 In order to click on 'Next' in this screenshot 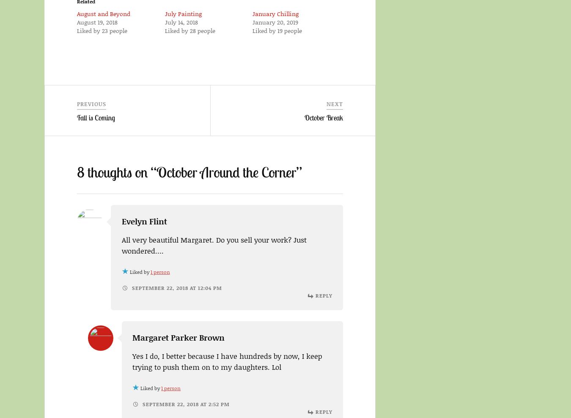, I will do `click(335, 103)`.